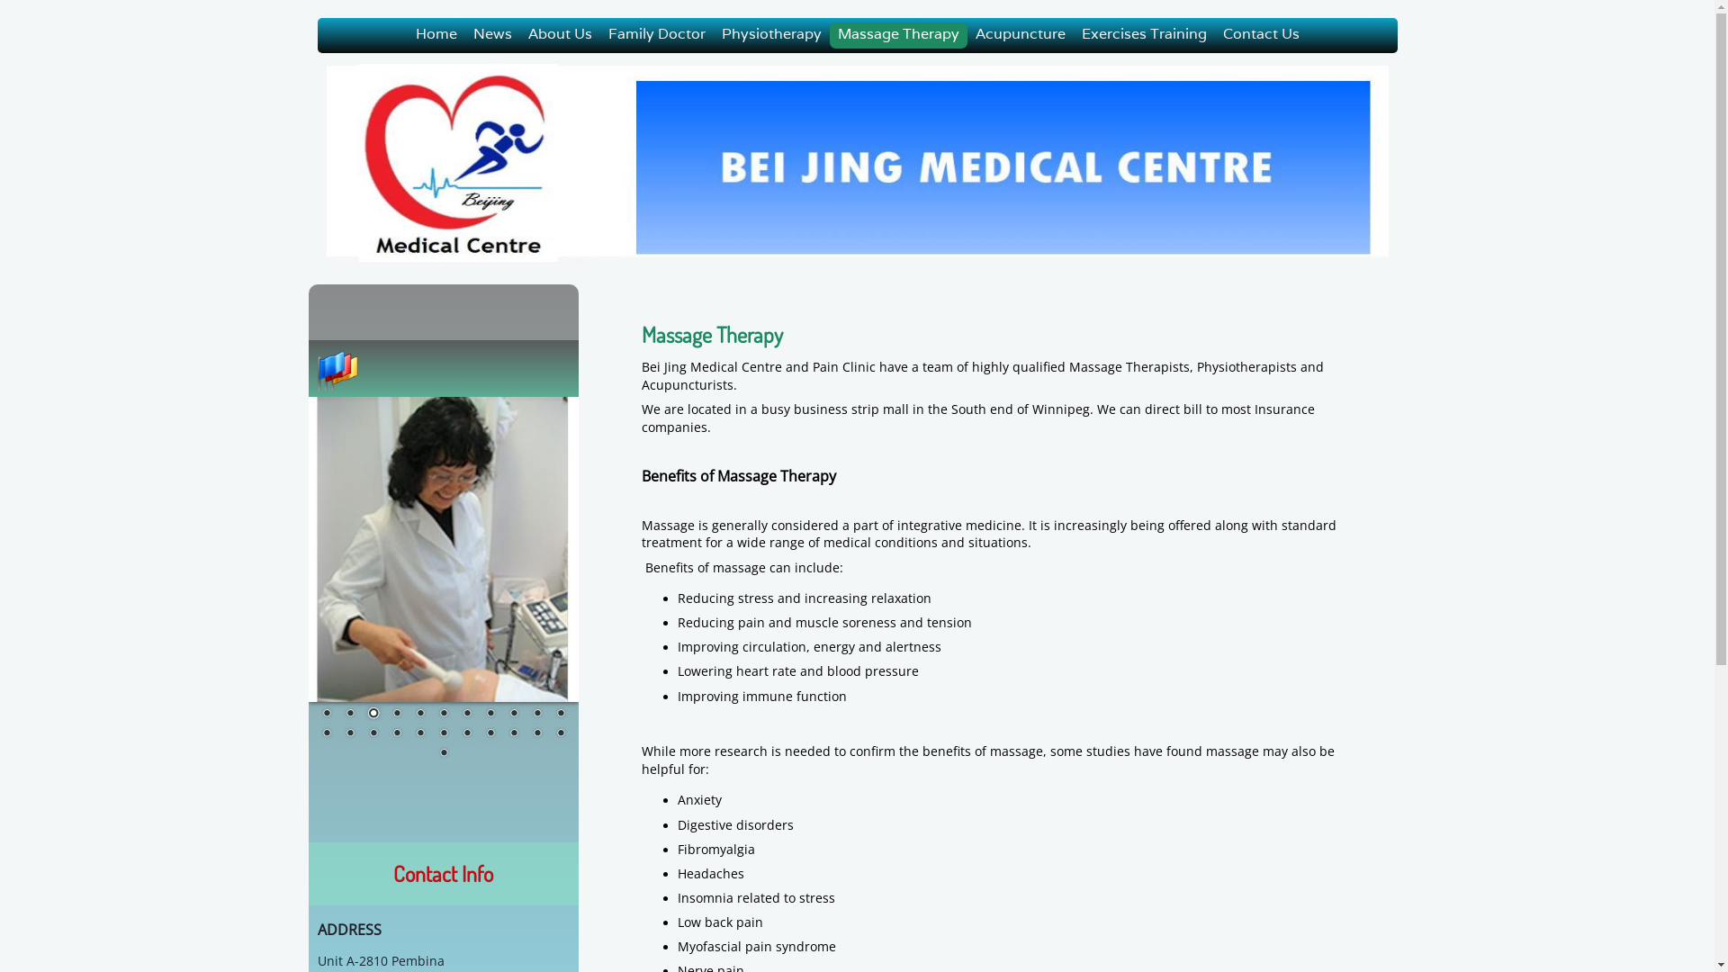  I want to click on '6', so click(444, 714).